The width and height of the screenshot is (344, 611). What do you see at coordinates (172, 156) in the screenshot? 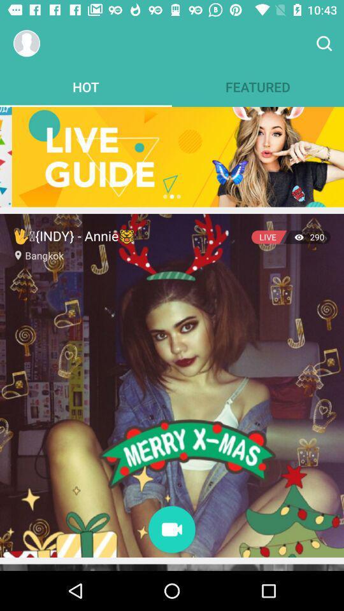
I see `item below the hot item` at bounding box center [172, 156].